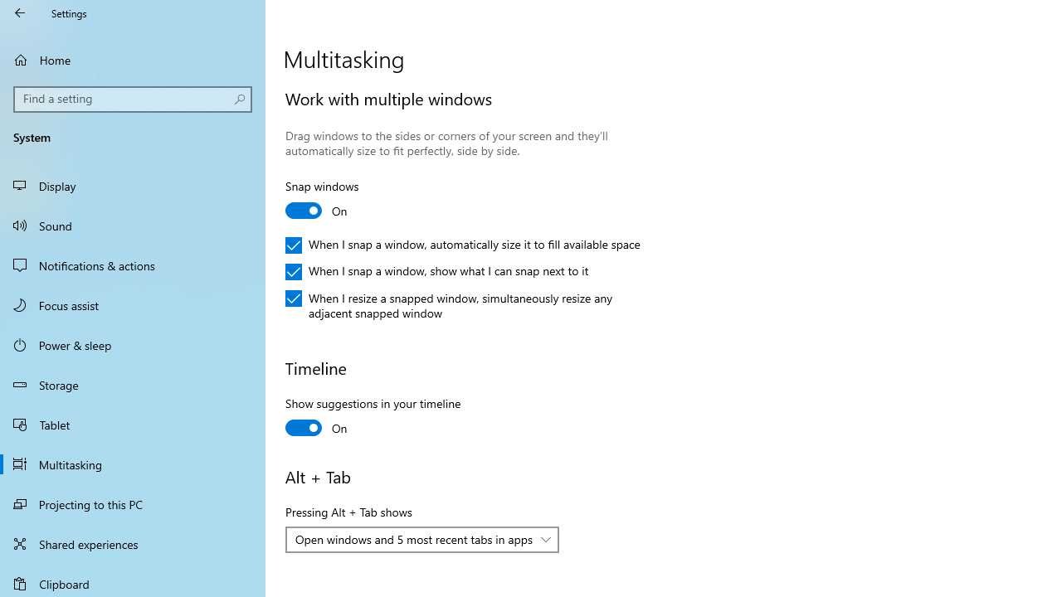 Image resolution: width=1062 pixels, height=597 pixels. What do you see at coordinates (133, 99) in the screenshot?
I see `'Search box, Find a setting'` at bounding box center [133, 99].